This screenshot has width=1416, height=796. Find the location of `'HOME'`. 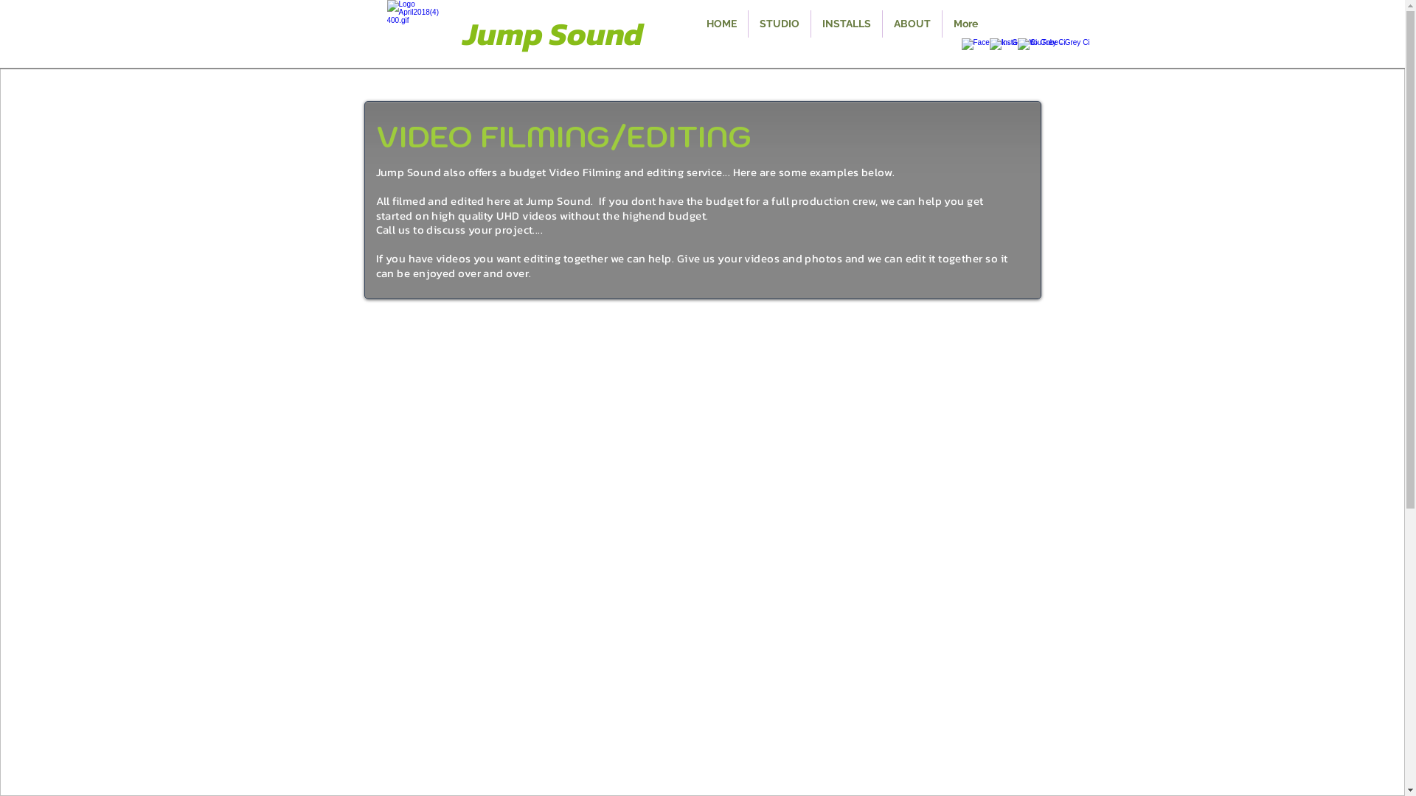

'HOME' is located at coordinates (721, 24).